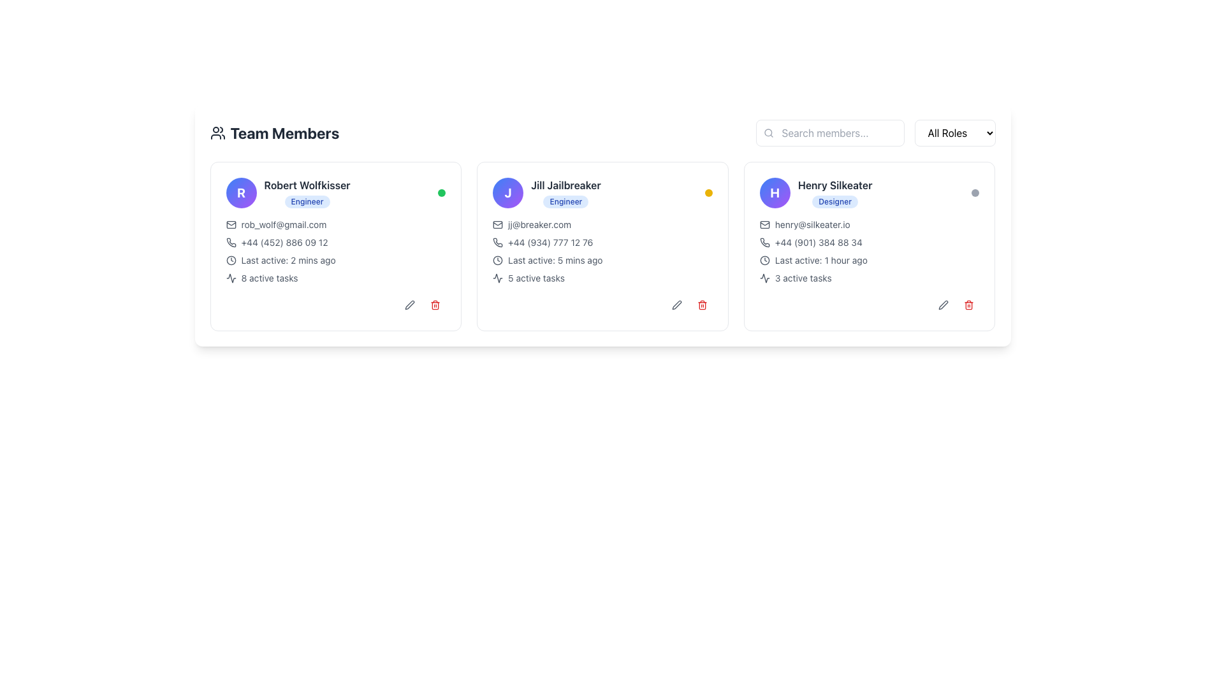 The width and height of the screenshot is (1224, 688). What do you see at coordinates (803, 277) in the screenshot?
I see `count of active tasks from the text label located in the bottom-right corner of the card belonging to 'Henry Silkeater'` at bounding box center [803, 277].